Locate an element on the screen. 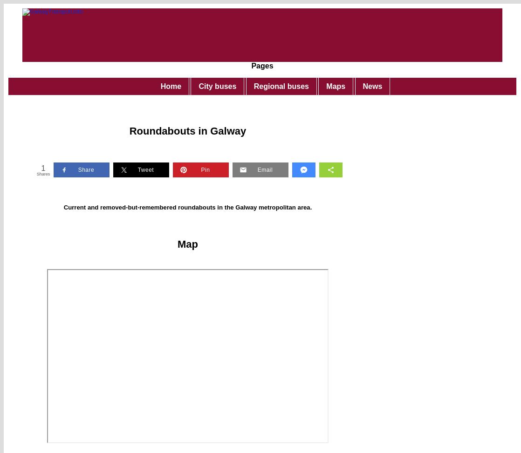  'Home' is located at coordinates (170, 86).